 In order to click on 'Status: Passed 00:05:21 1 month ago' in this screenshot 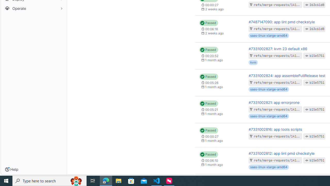, I will do `click(220, 109)`.